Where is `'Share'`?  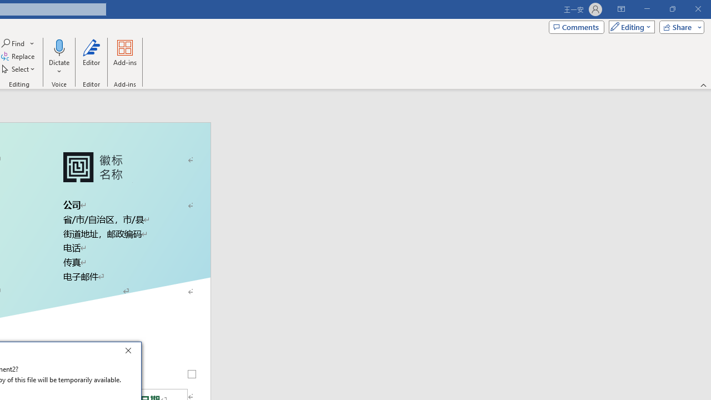 'Share' is located at coordinates (679, 26).